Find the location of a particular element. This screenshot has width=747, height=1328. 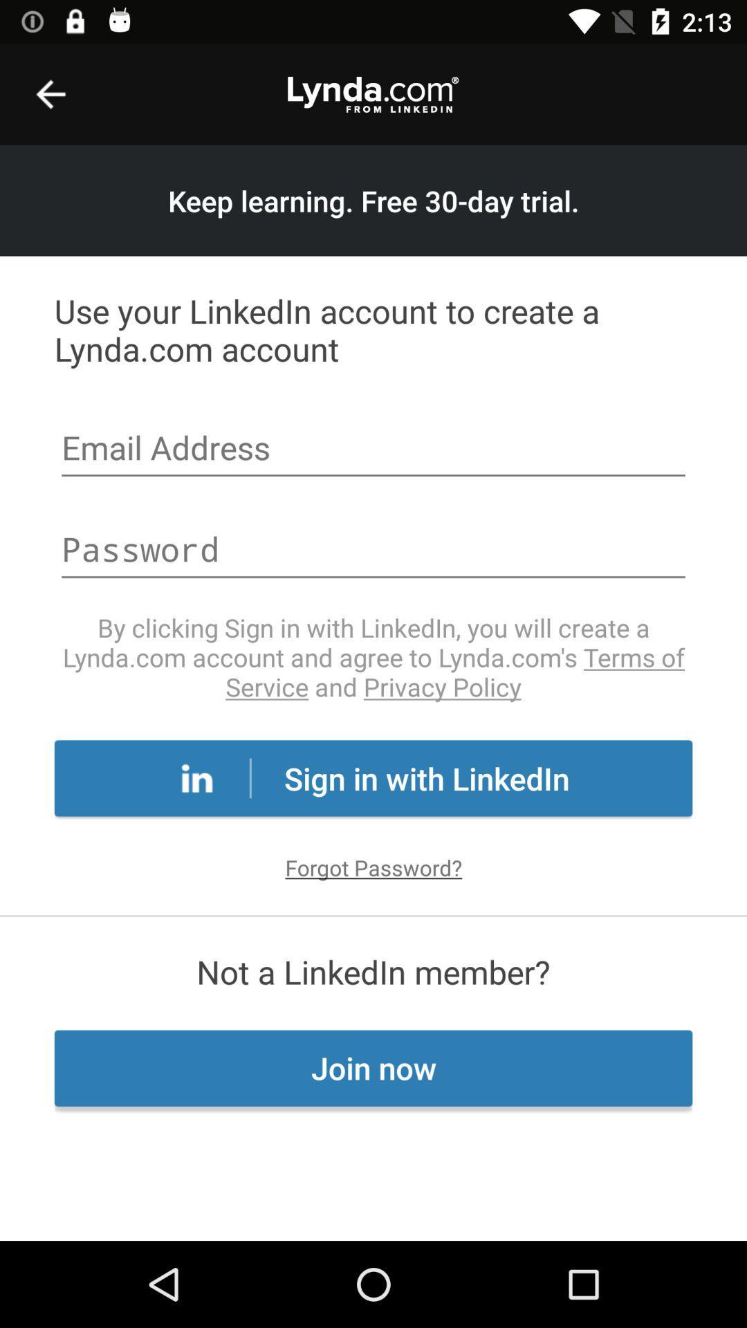

the forgot password? is located at coordinates (373, 867).